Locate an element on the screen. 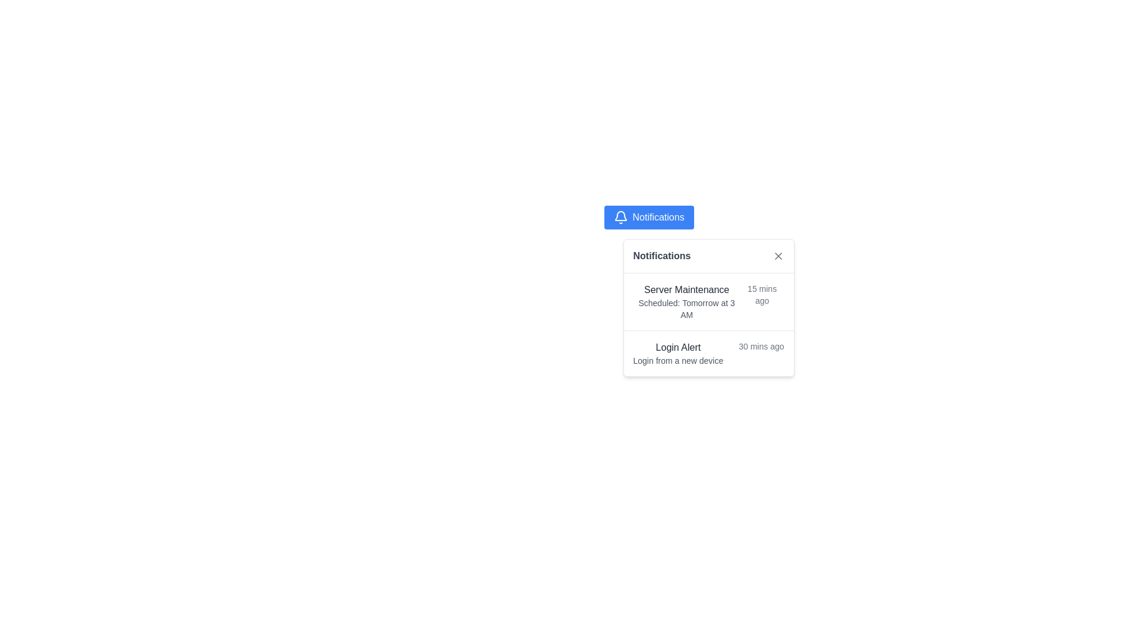 Image resolution: width=1141 pixels, height=642 pixels. information displayed in the 'Server Maintenance' notification, which is the first entry in the 'Notifications' list and indicates the event is scheduled for 'Tomorrow at 3 AM.' is located at coordinates (686, 301).